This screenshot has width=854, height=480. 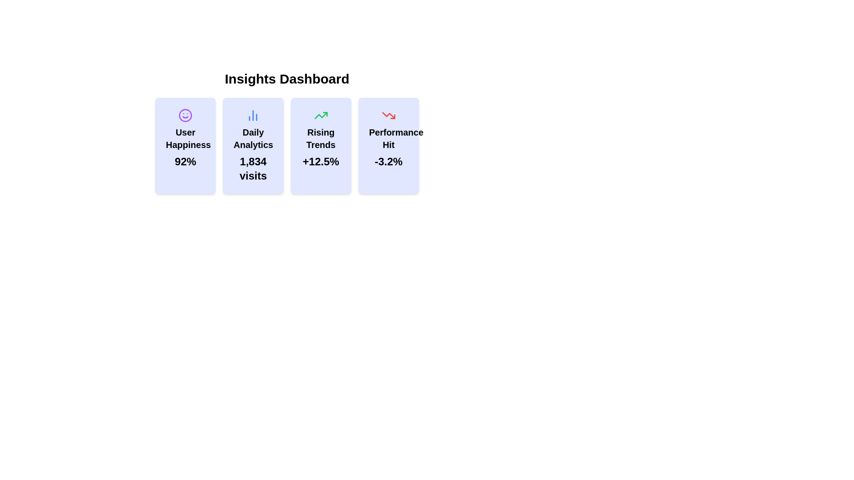 I want to click on the 'Daily Analytics' icon which symbolizes data analysis, located at the top of the 'Daily Analytics' card, so click(x=253, y=115).